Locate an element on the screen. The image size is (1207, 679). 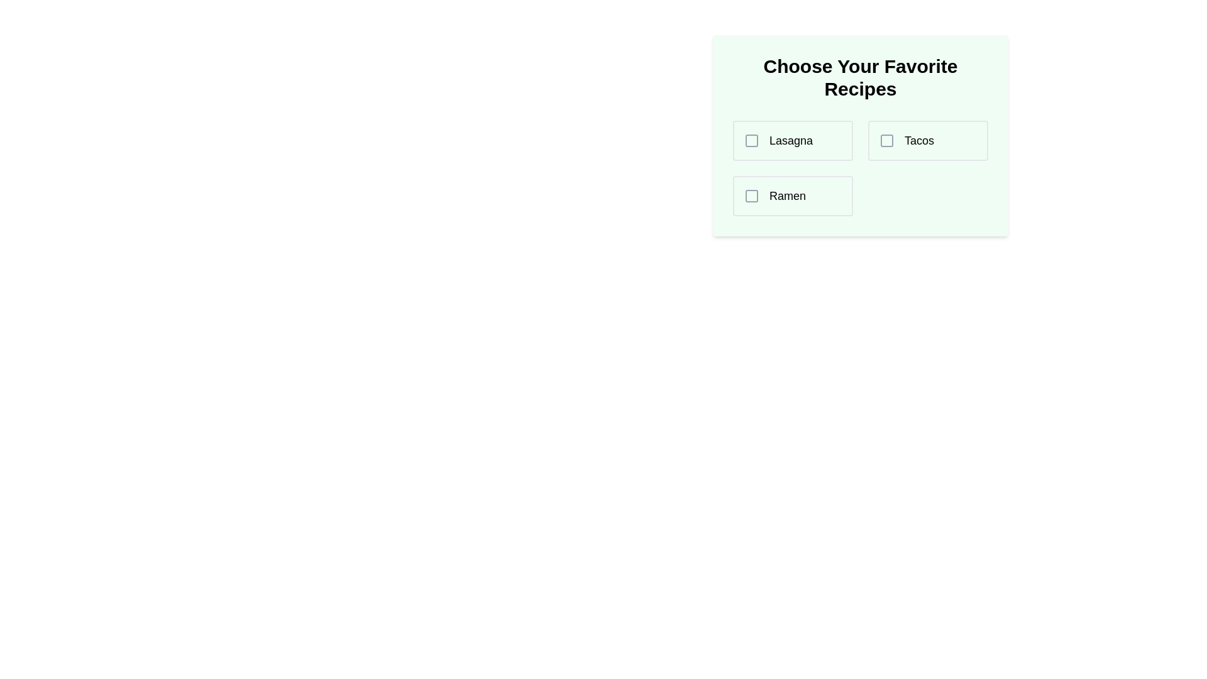
the checkbox next to the 'Ramen' item in the selectable checkbox list is located at coordinates (792, 196).